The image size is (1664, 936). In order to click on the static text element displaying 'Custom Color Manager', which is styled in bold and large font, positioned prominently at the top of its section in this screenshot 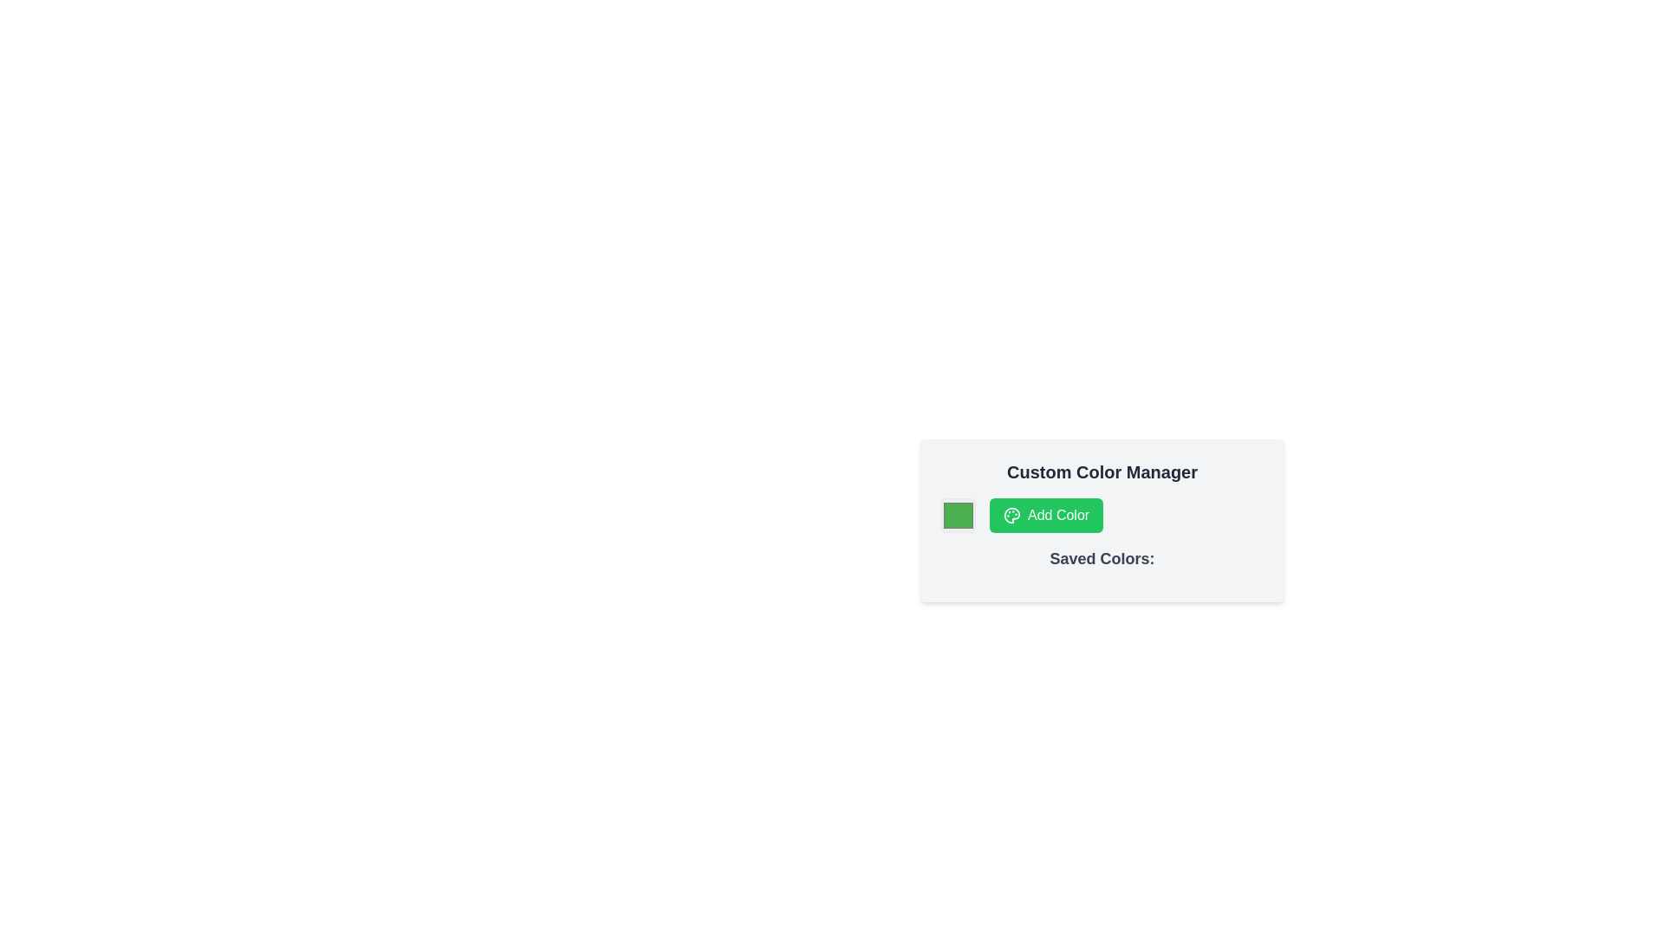, I will do `click(1102, 471)`.